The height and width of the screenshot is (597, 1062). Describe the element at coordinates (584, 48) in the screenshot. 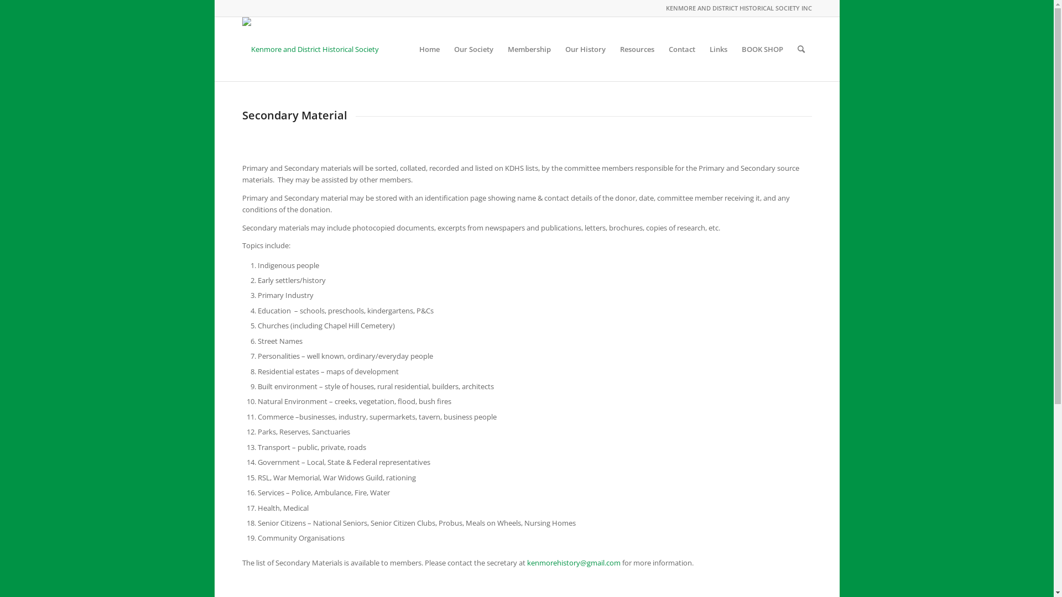

I see `'Our History'` at that location.